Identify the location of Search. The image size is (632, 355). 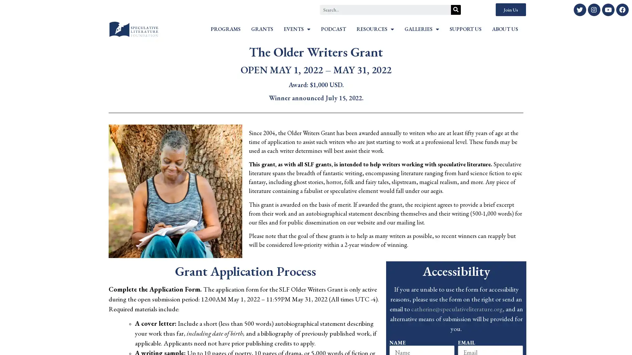
(456, 10).